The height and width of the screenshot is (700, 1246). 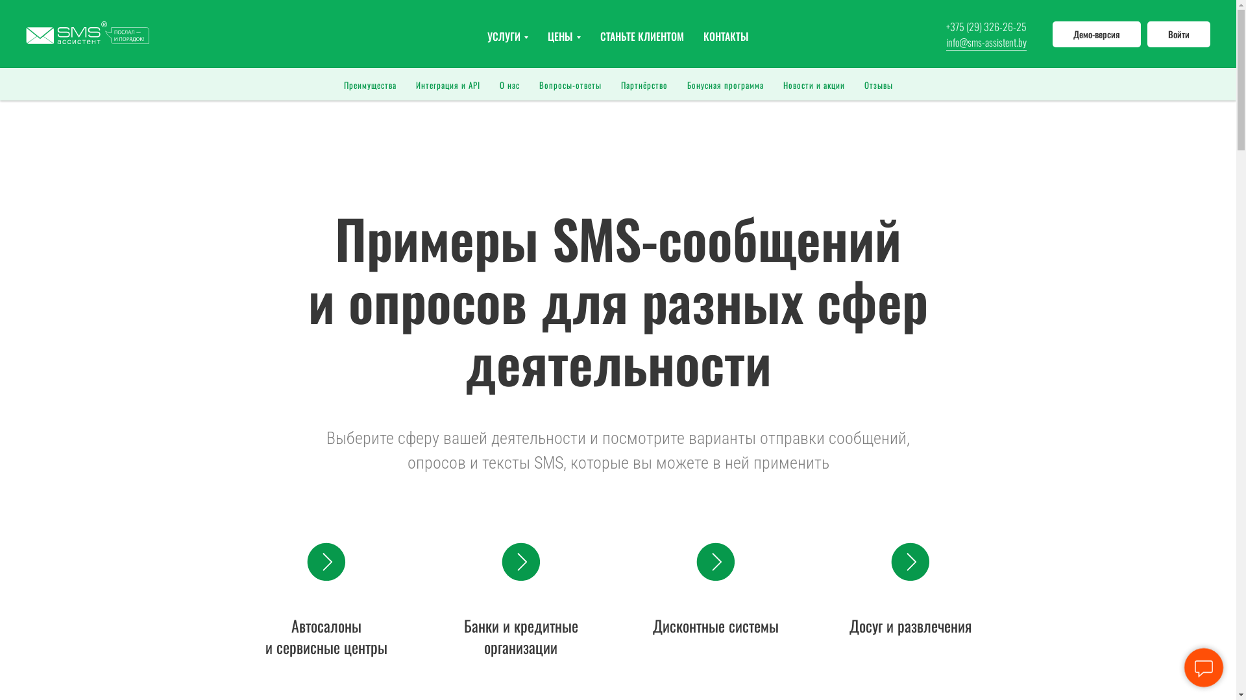 I want to click on '+375 (29) 326-26-25', so click(x=986, y=25).